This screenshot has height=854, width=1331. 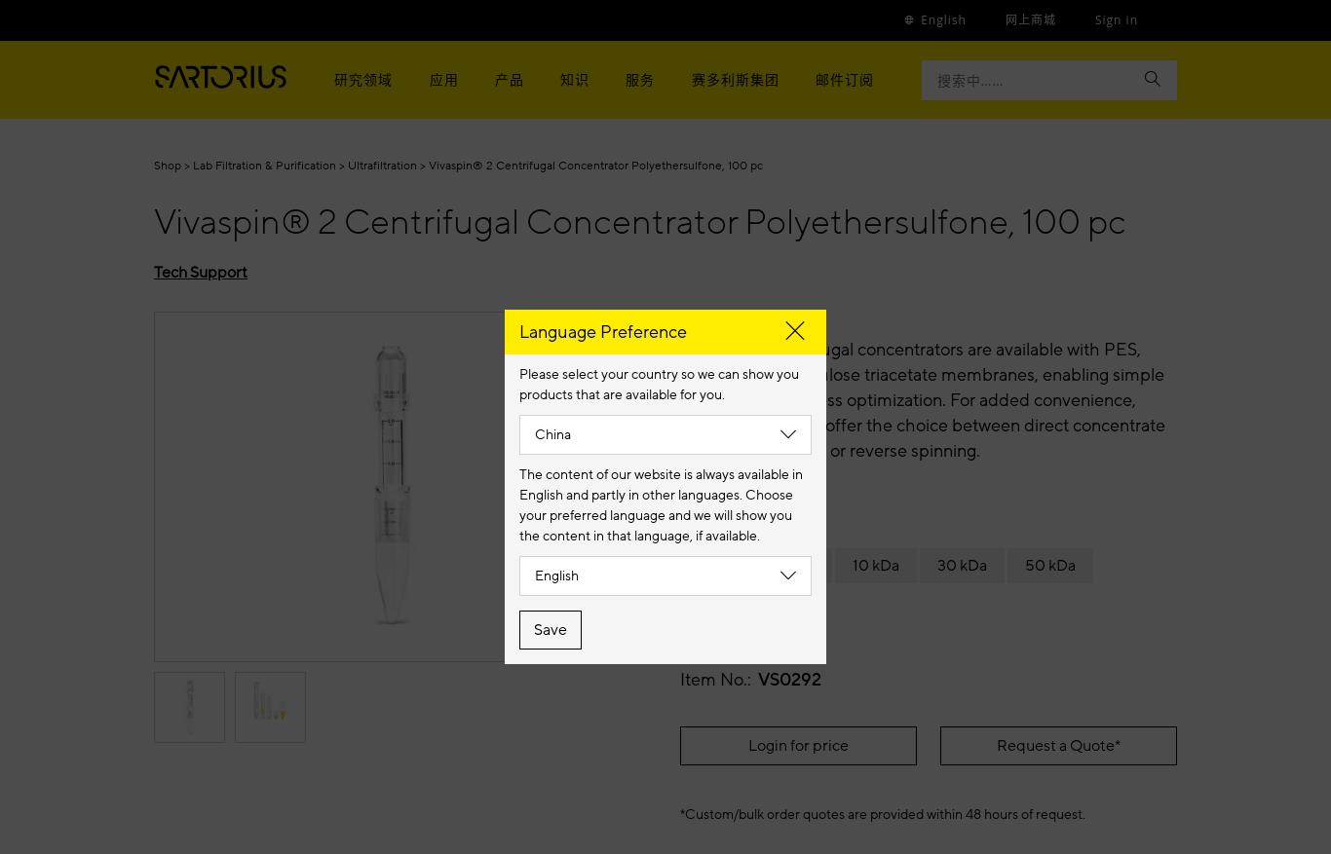 What do you see at coordinates (1116, 19) in the screenshot?
I see `'Sign in'` at bounding box center [1116, 19].